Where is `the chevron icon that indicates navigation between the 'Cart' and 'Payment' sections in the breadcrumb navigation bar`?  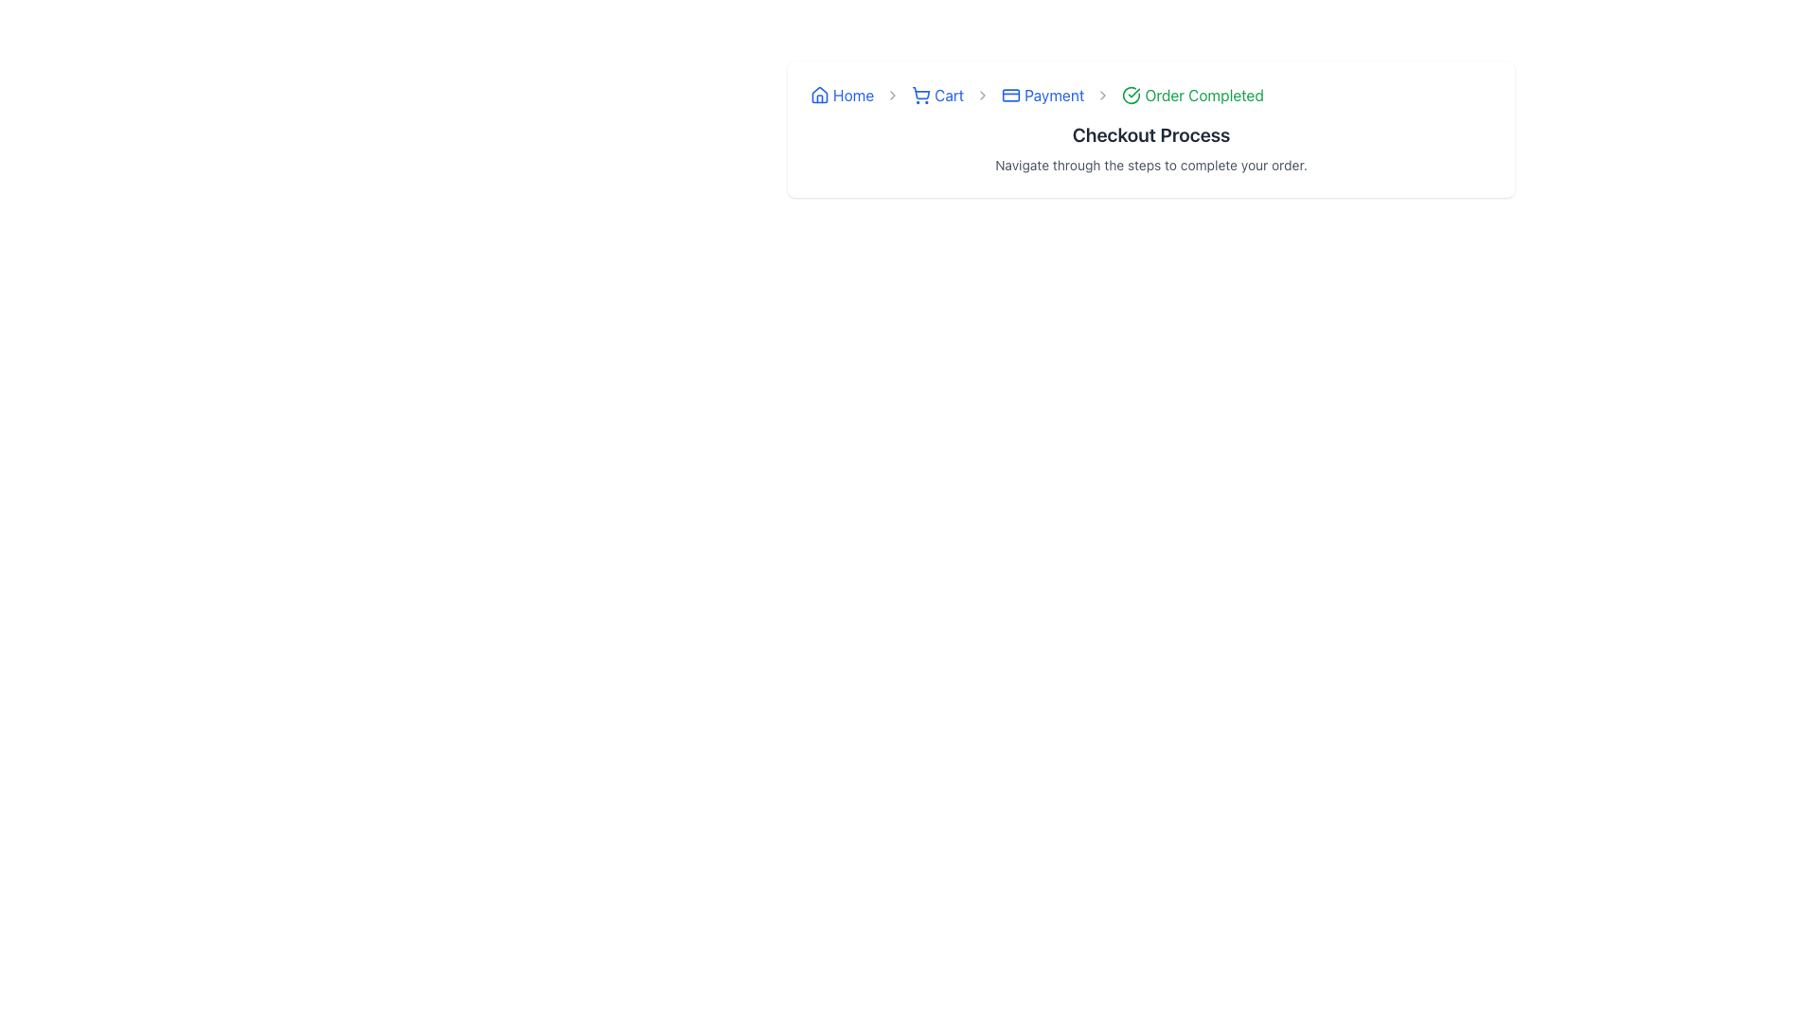
the chevron icon that indicates navigation between the 'Cart' and 'Payment' sections in the breadcrumb navigation bar is located at coordinates (983, 95).